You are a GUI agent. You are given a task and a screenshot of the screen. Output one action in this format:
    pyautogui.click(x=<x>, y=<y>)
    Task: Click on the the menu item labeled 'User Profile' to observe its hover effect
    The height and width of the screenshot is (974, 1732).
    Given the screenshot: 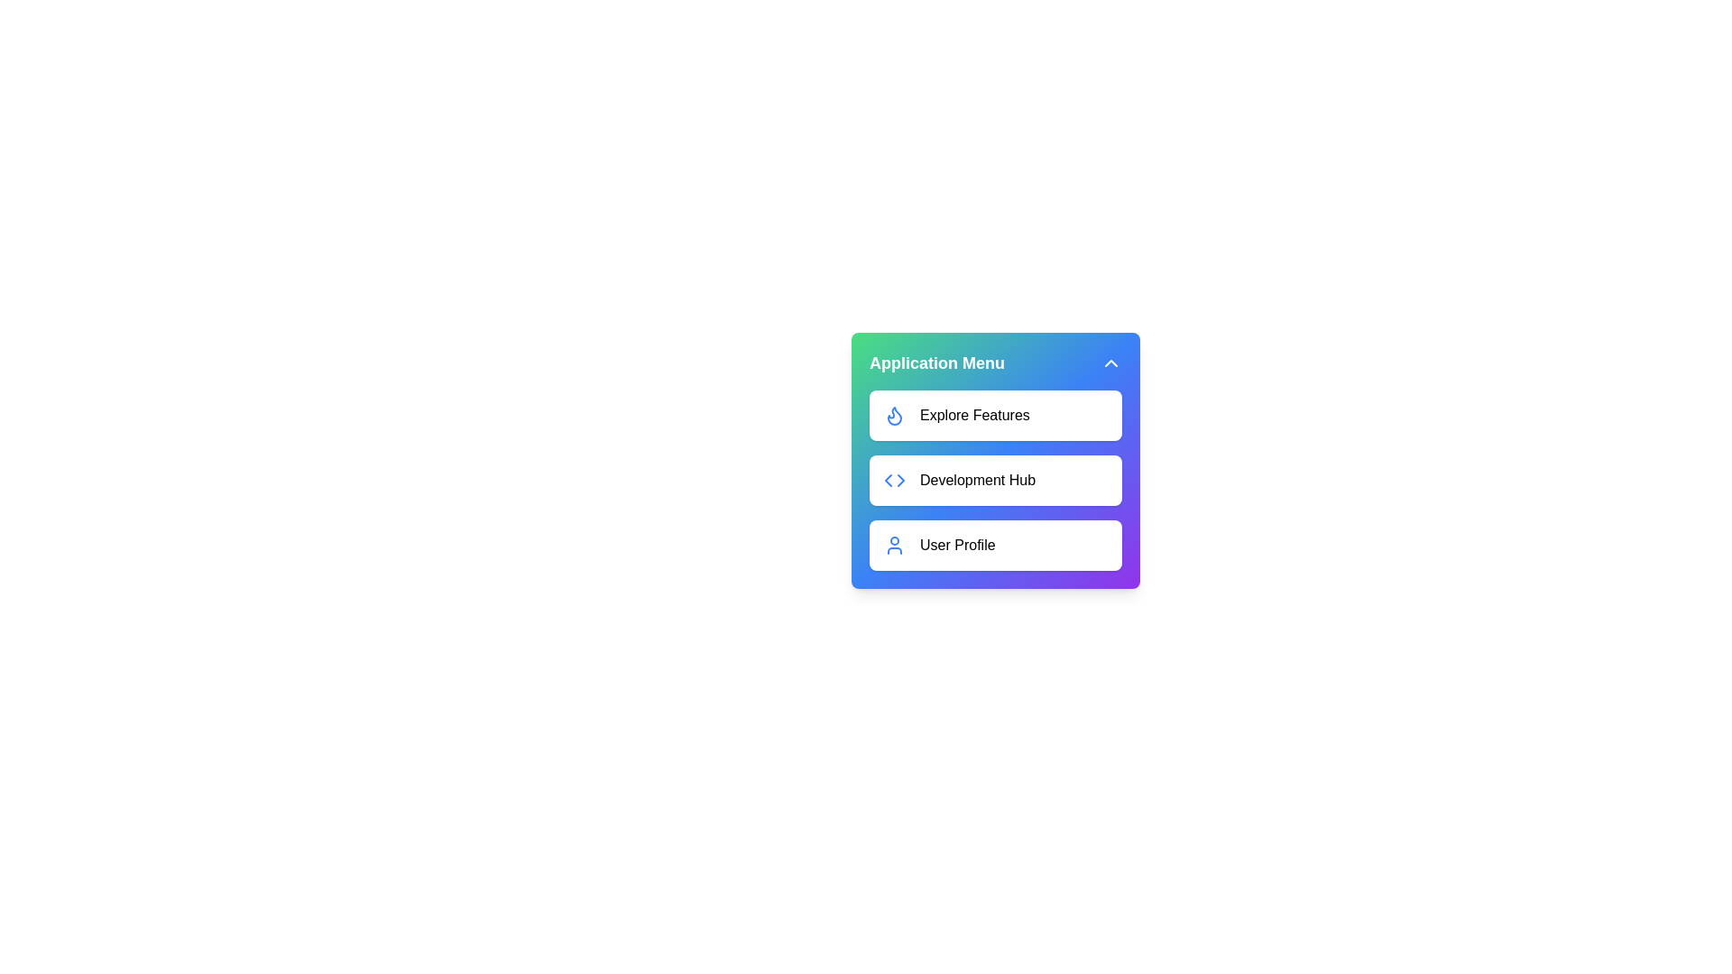 What is the action you would take?
    pyautogui.click(x=995, y=545)
    